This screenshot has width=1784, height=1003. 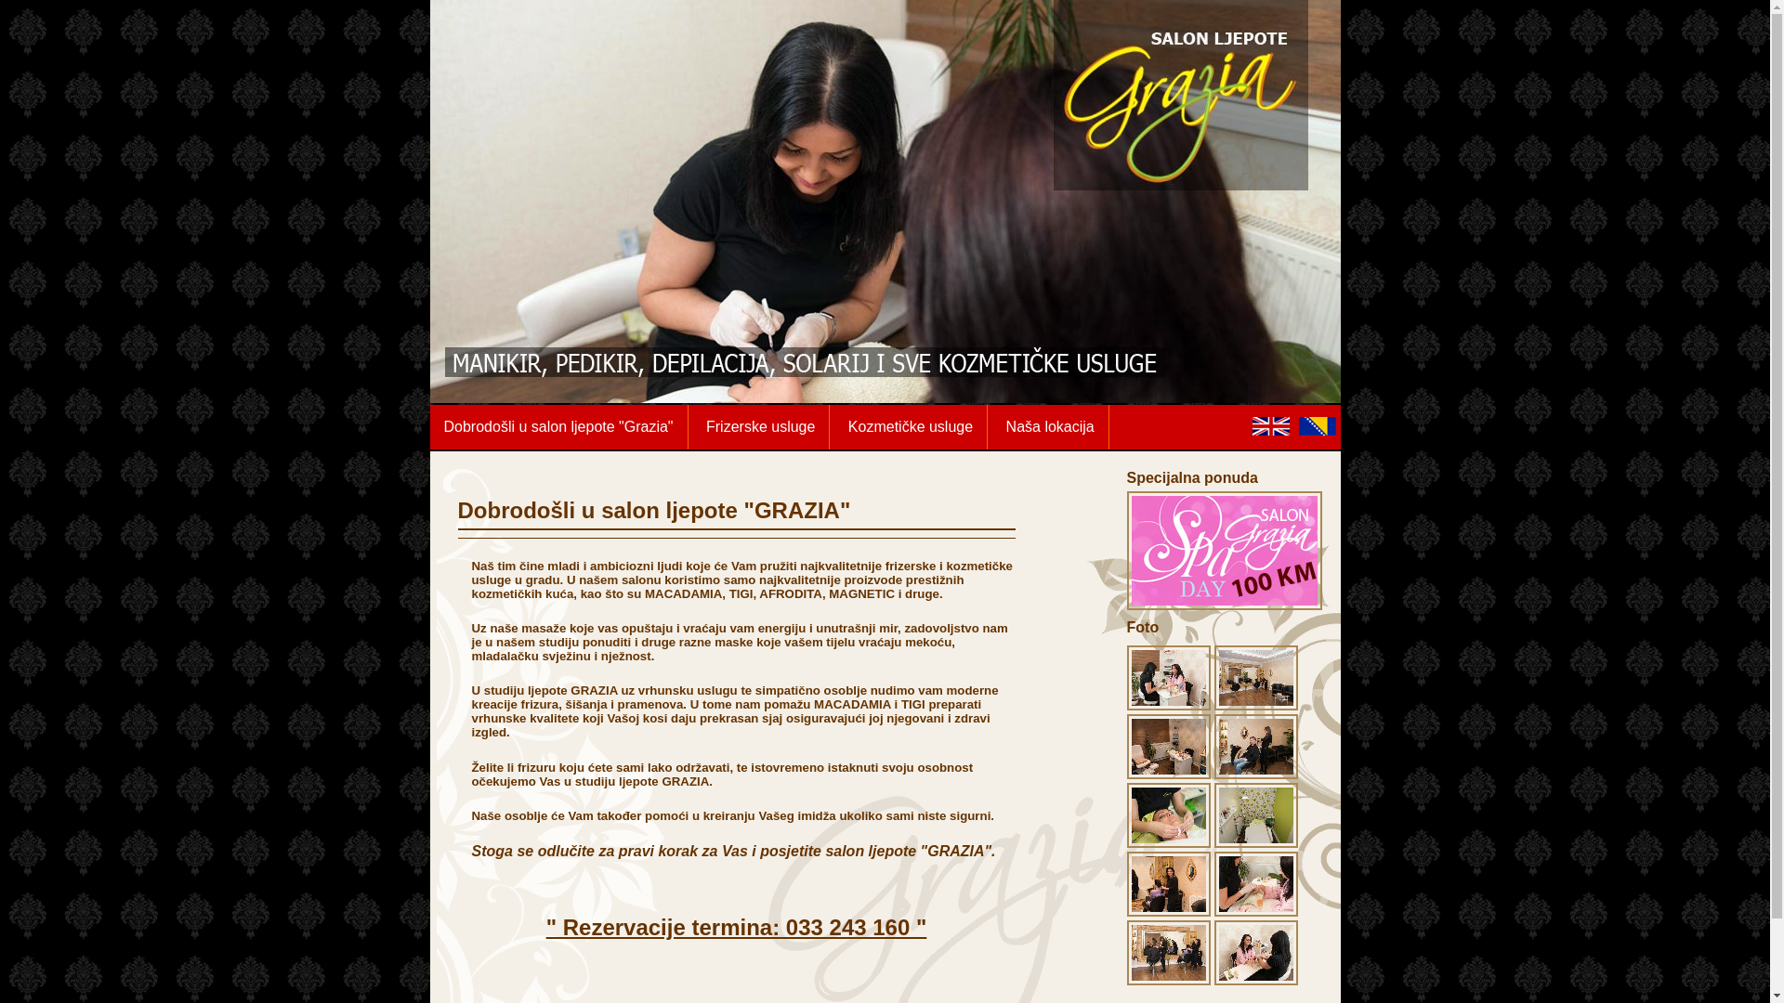 I want to click on 'Frizerske usluge', so click(x=761, y=426).